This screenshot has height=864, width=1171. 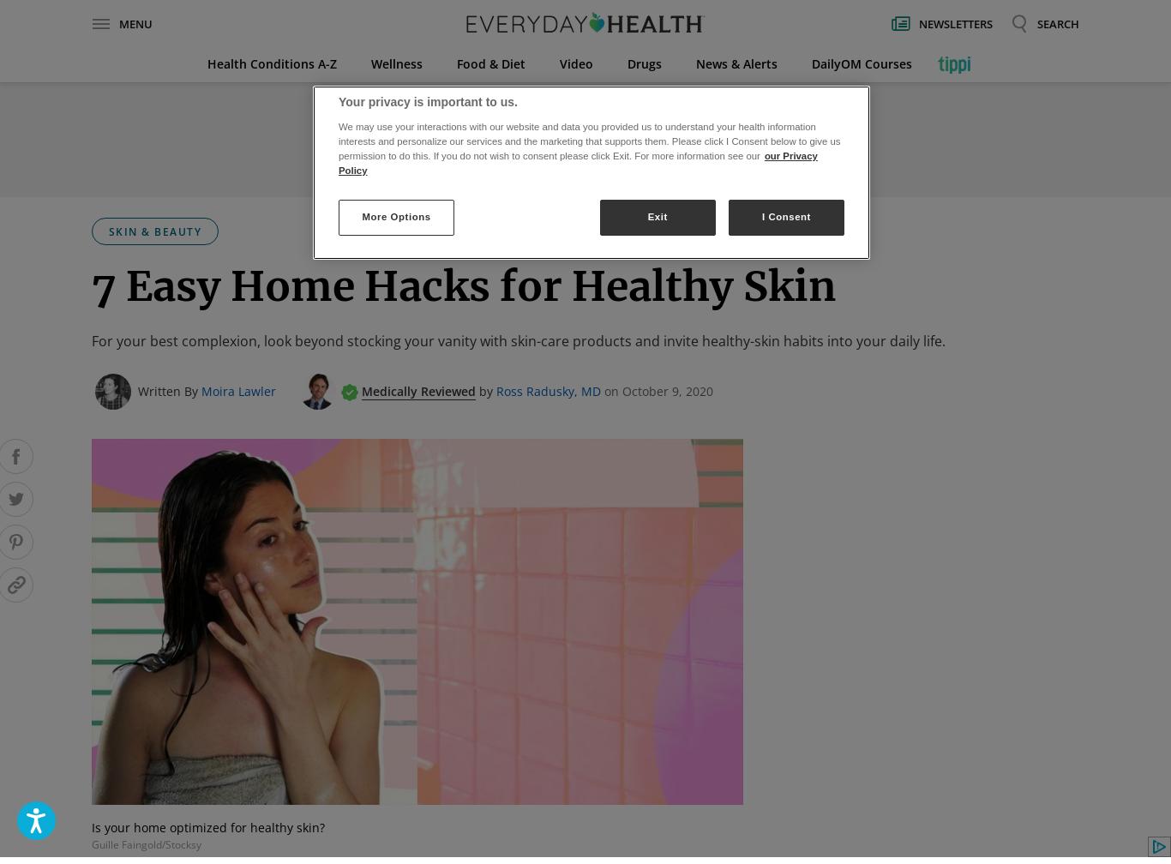 I want to click on '7 Easy Home Hacks for Healthy Skin', so click(x=464, y=285).